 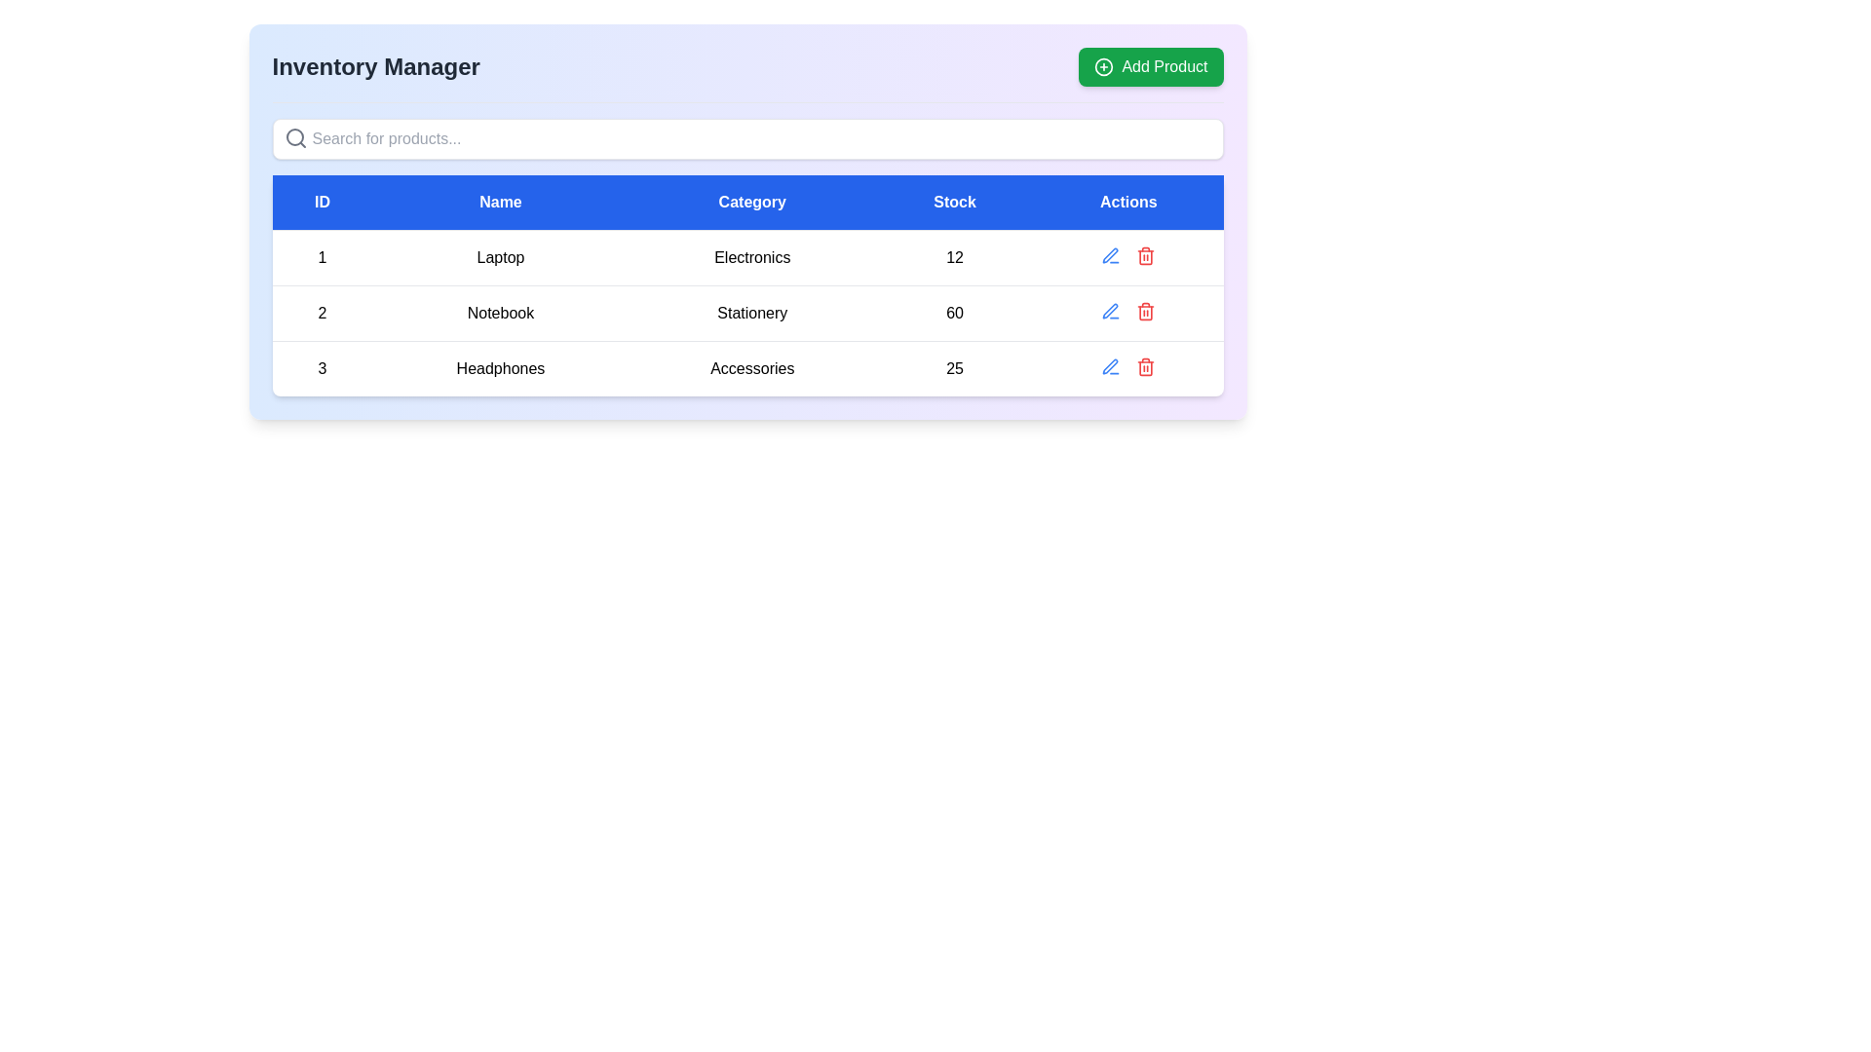 What do you see at coordinates (954, 203) in the screenshot?
I see `the 'Stock' column header, which has a bold blue background and white centered text, to use it as a reference for data interpretation` at bounding box center [954, 203].